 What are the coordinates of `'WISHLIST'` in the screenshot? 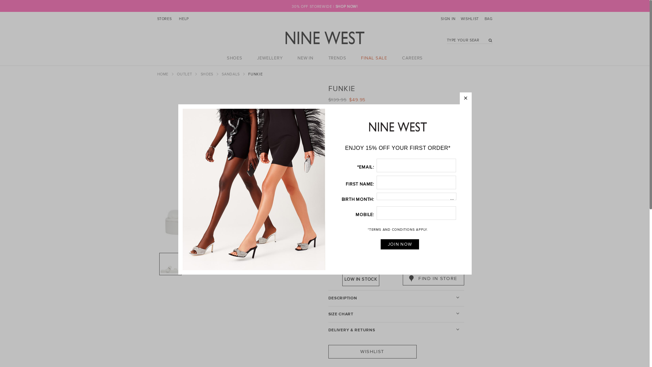 It's located at (328, 351).